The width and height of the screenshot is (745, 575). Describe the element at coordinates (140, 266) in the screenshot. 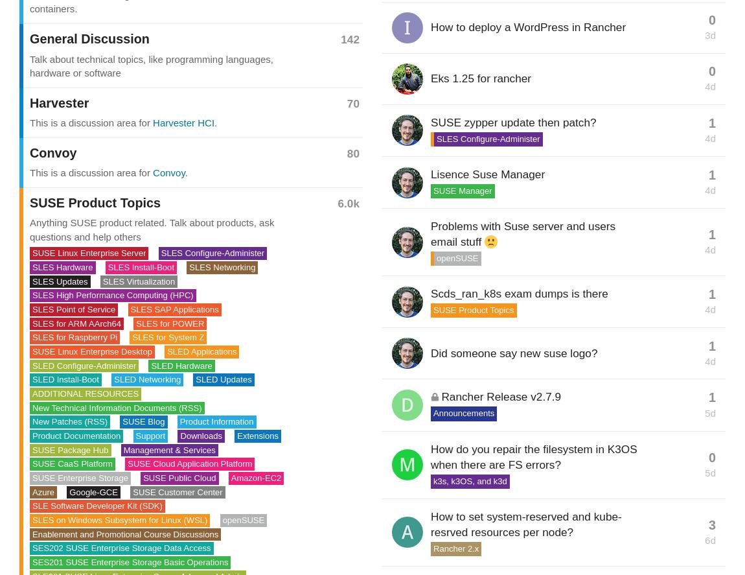

I see `'SLES Install-Boot'` at that location.